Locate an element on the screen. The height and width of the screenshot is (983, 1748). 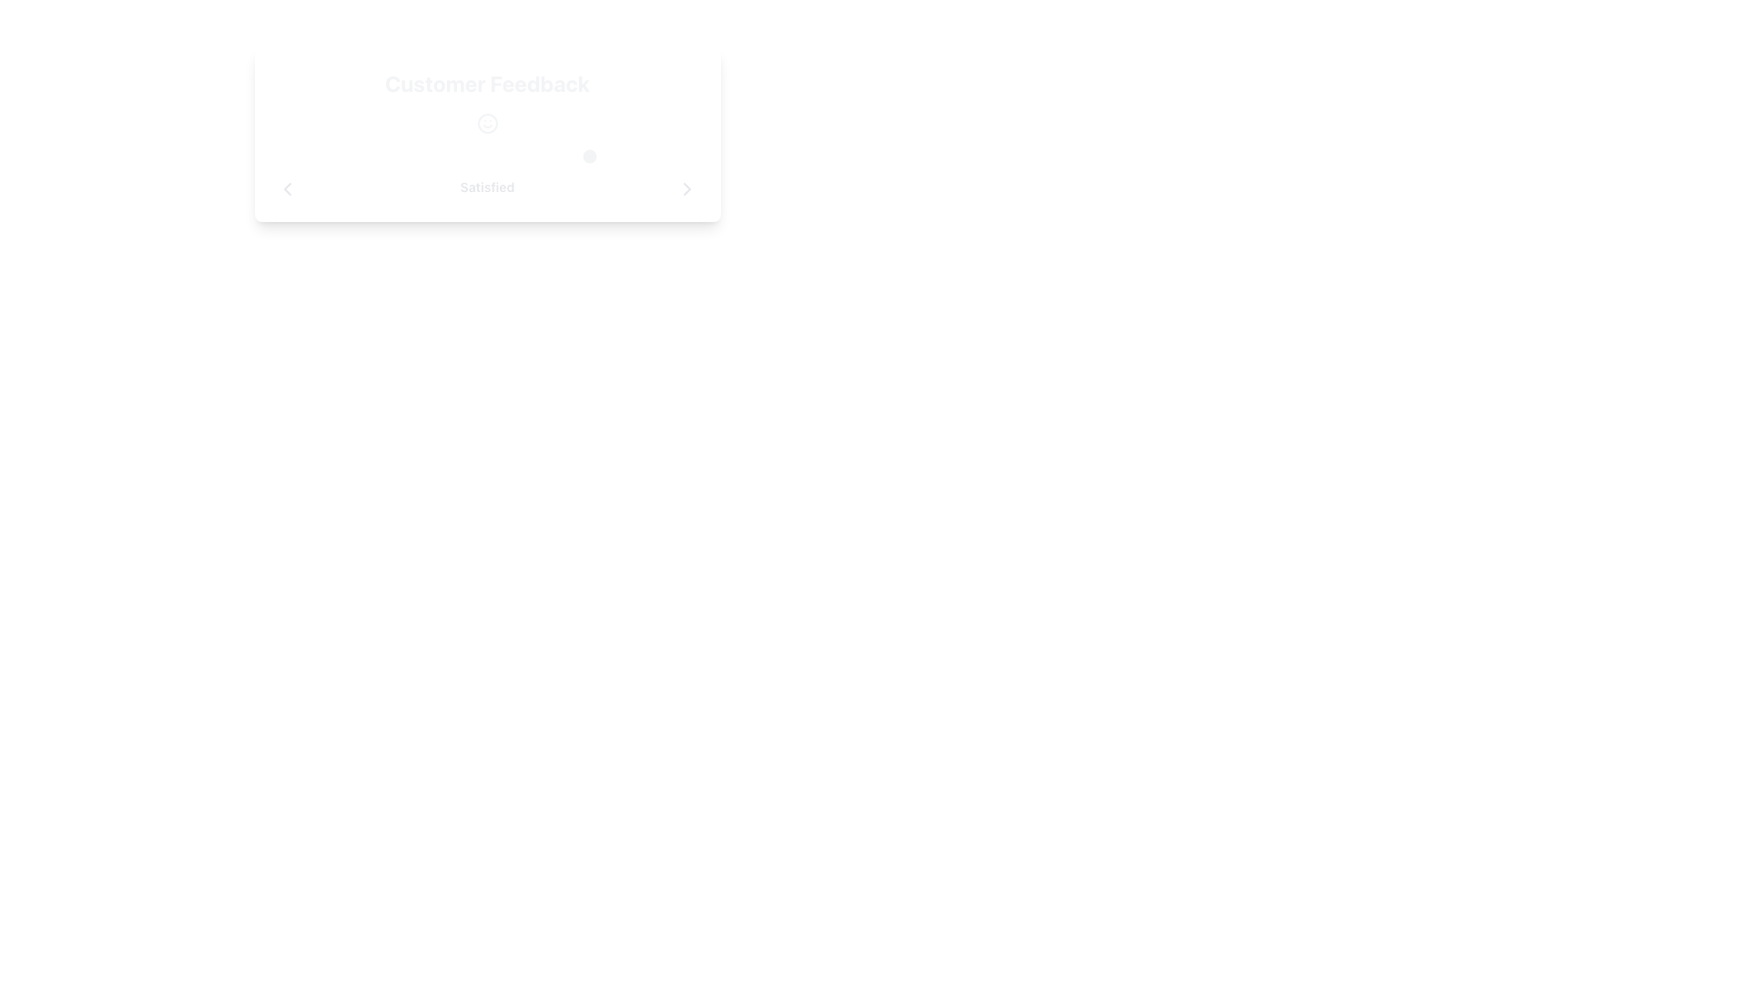
the slider is located at coordinates (487, 156).